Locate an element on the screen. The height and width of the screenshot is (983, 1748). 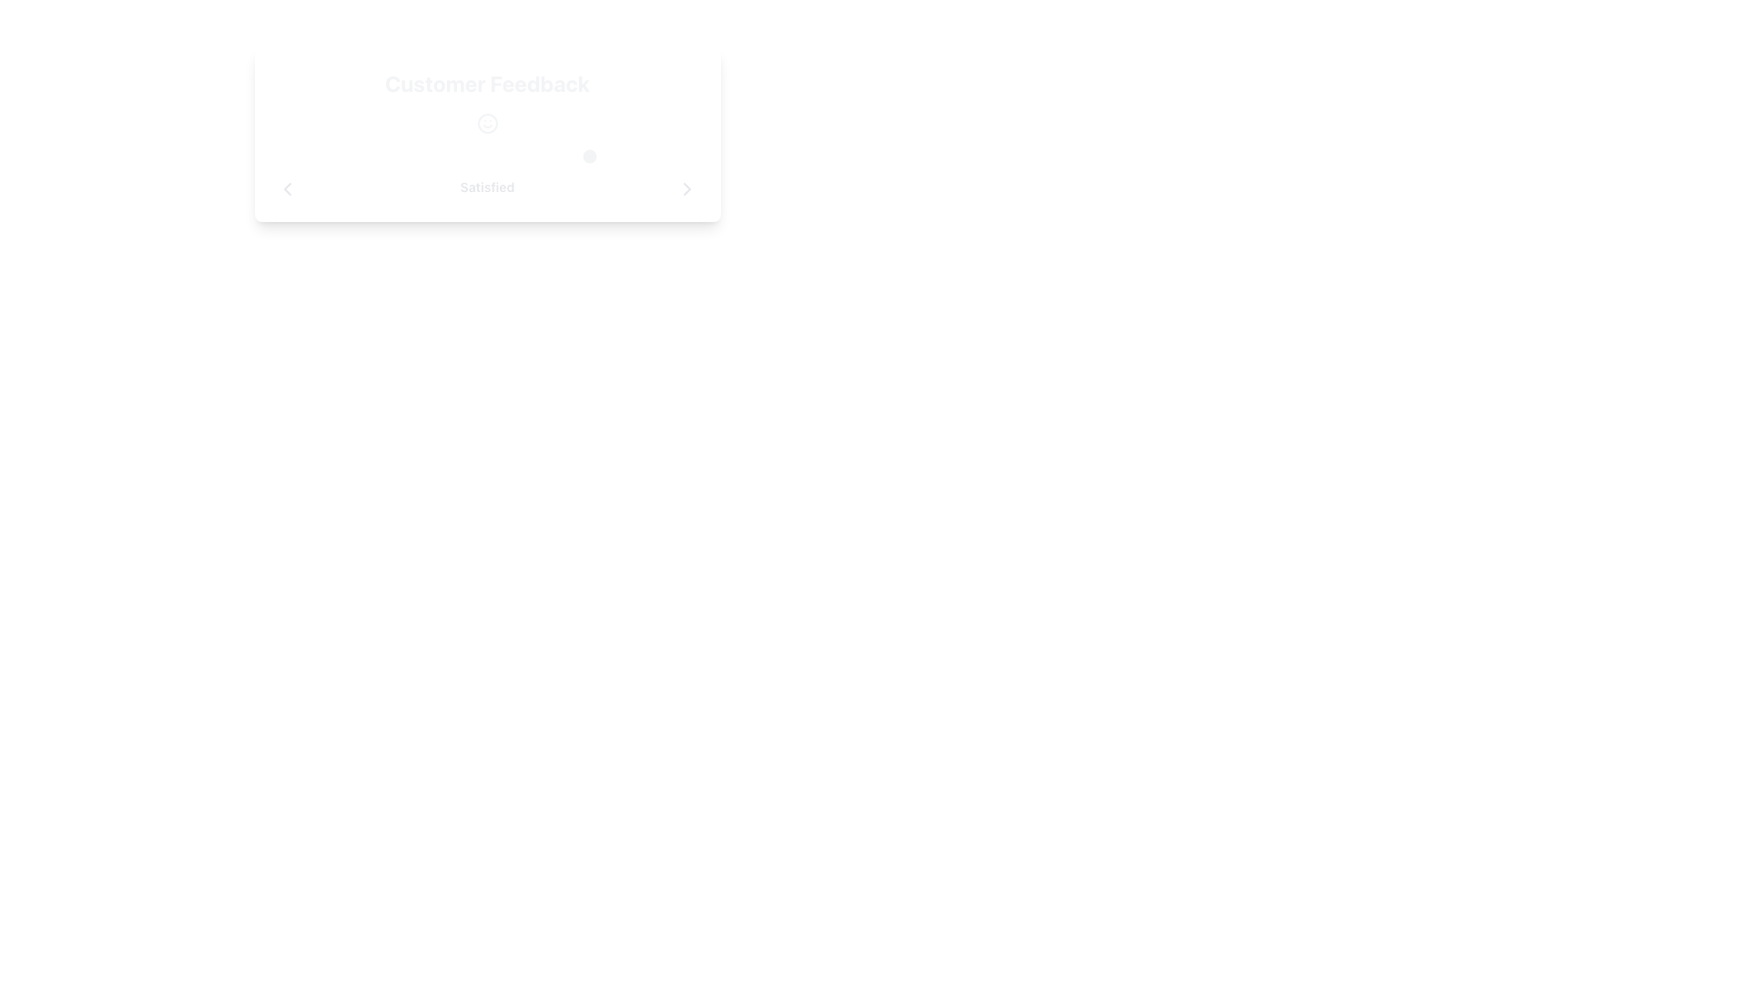
the slider is located at coordinates (487, 156).